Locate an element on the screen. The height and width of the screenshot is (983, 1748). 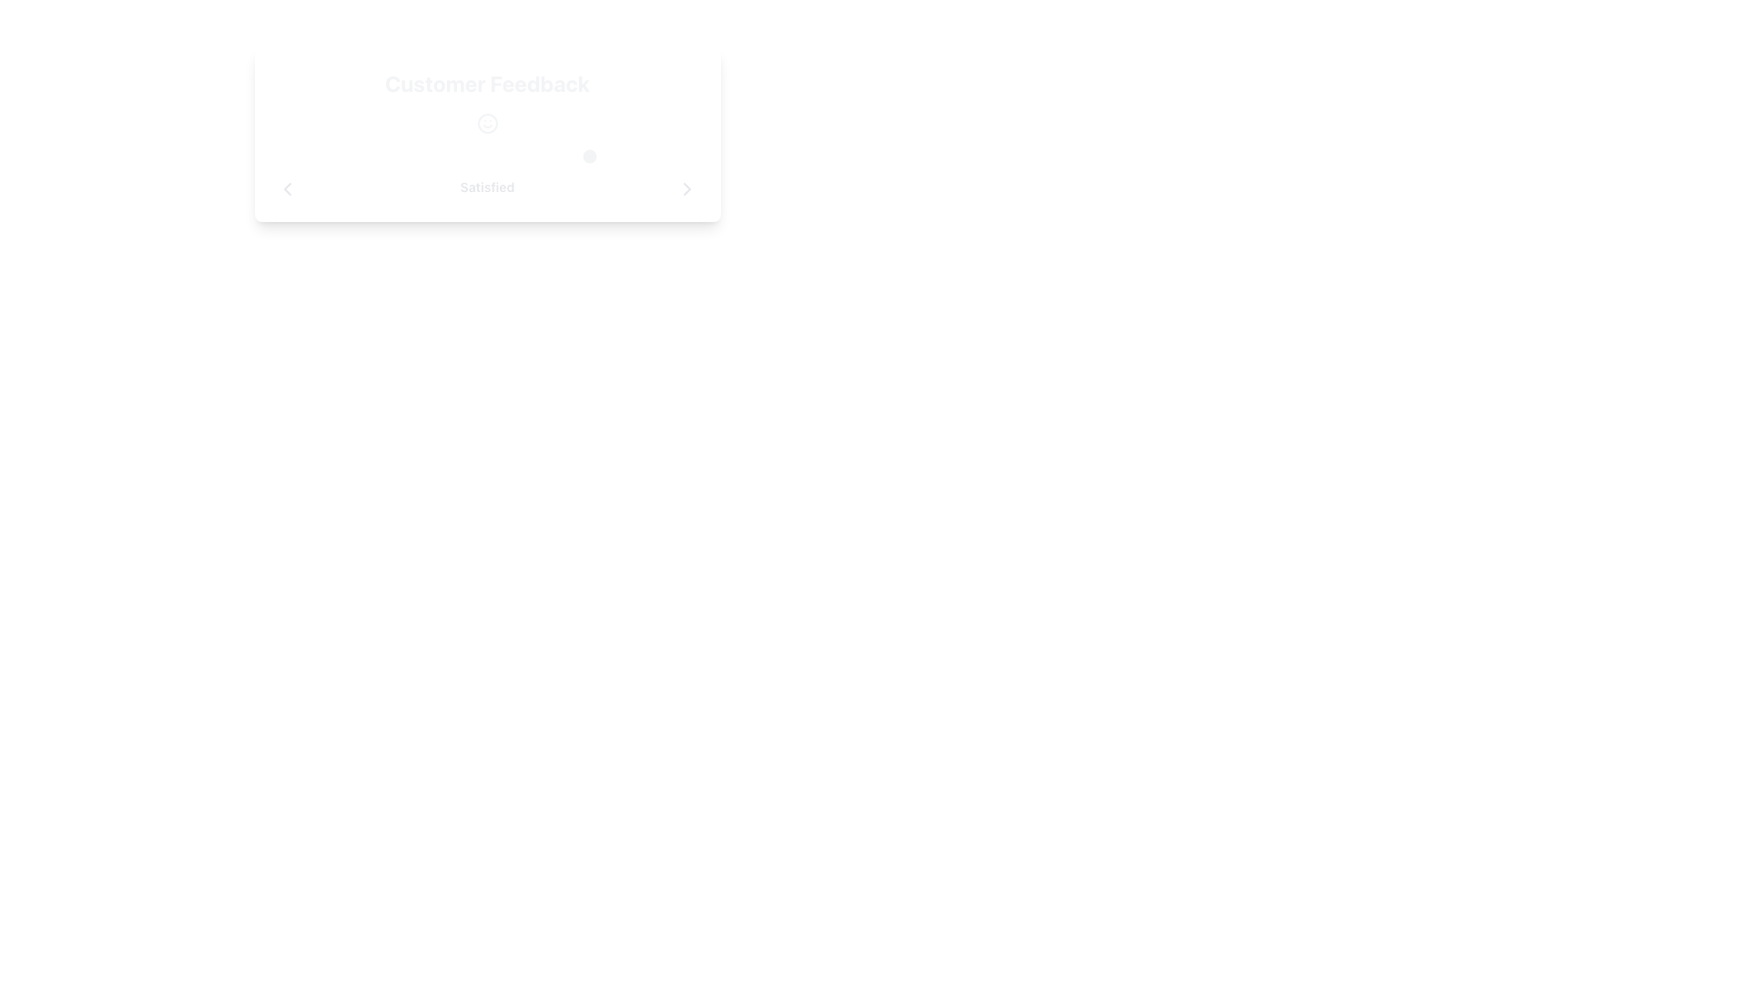
the slider is located at coordinates (487, 156).